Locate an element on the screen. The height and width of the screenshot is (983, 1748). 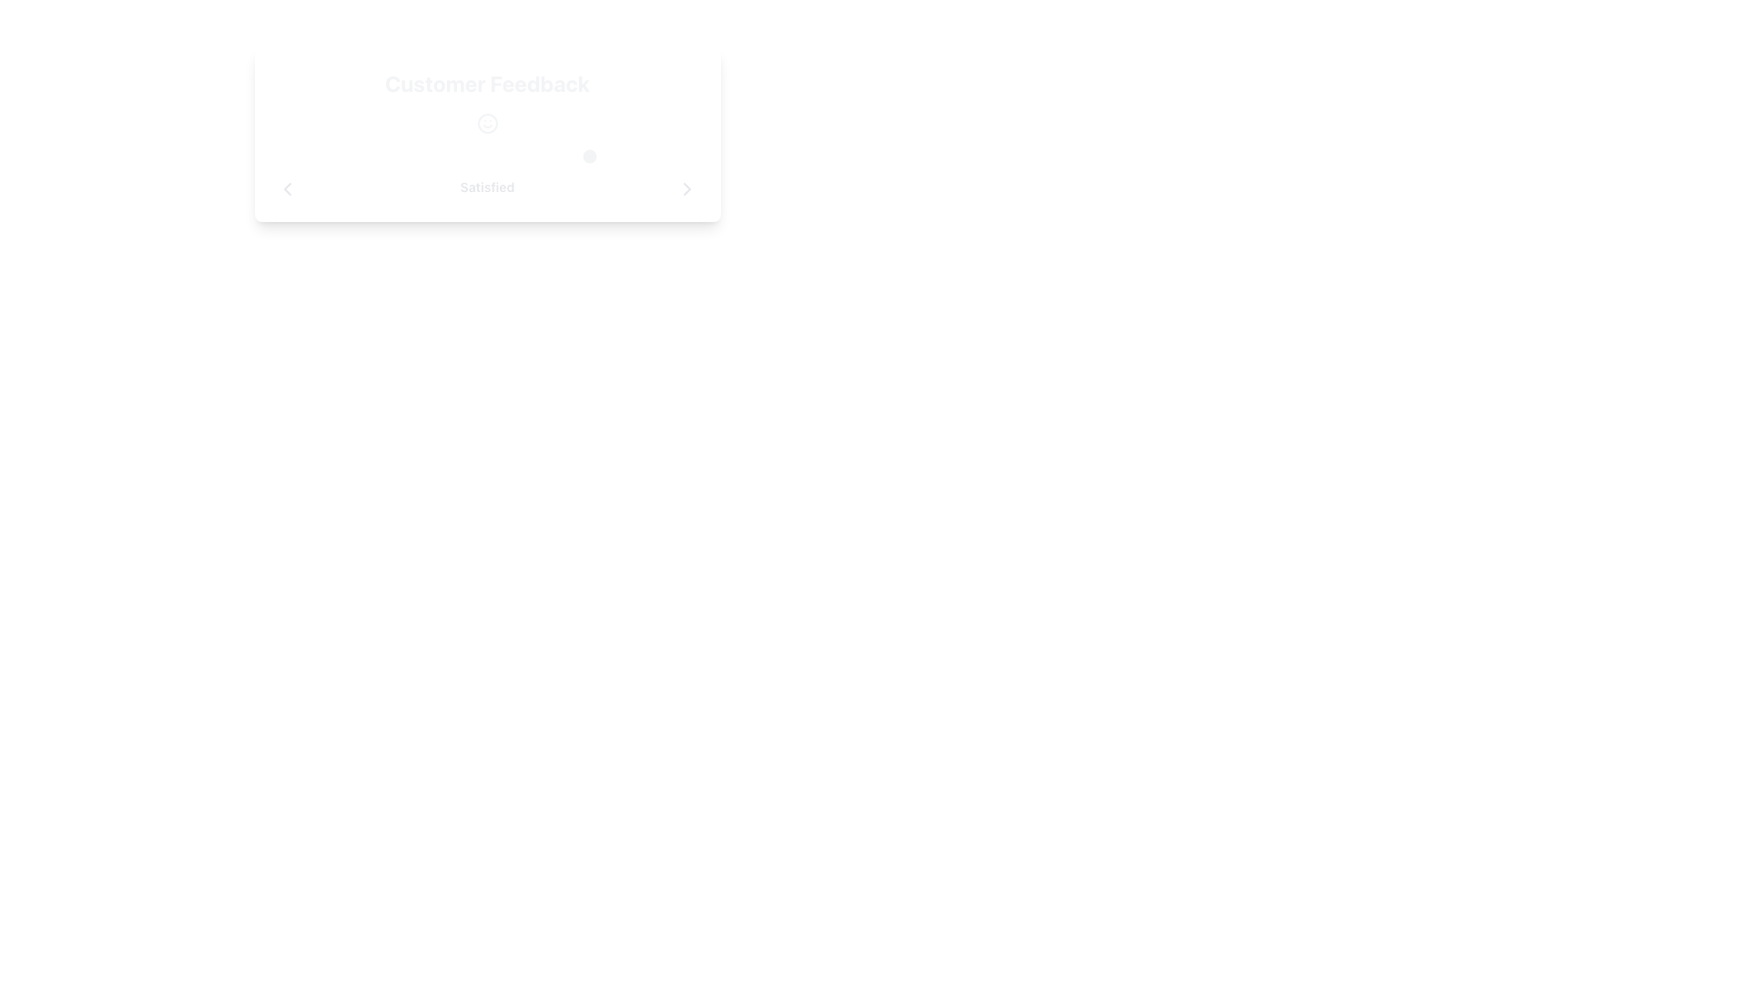
the slider is located at coordinates (487, 156).